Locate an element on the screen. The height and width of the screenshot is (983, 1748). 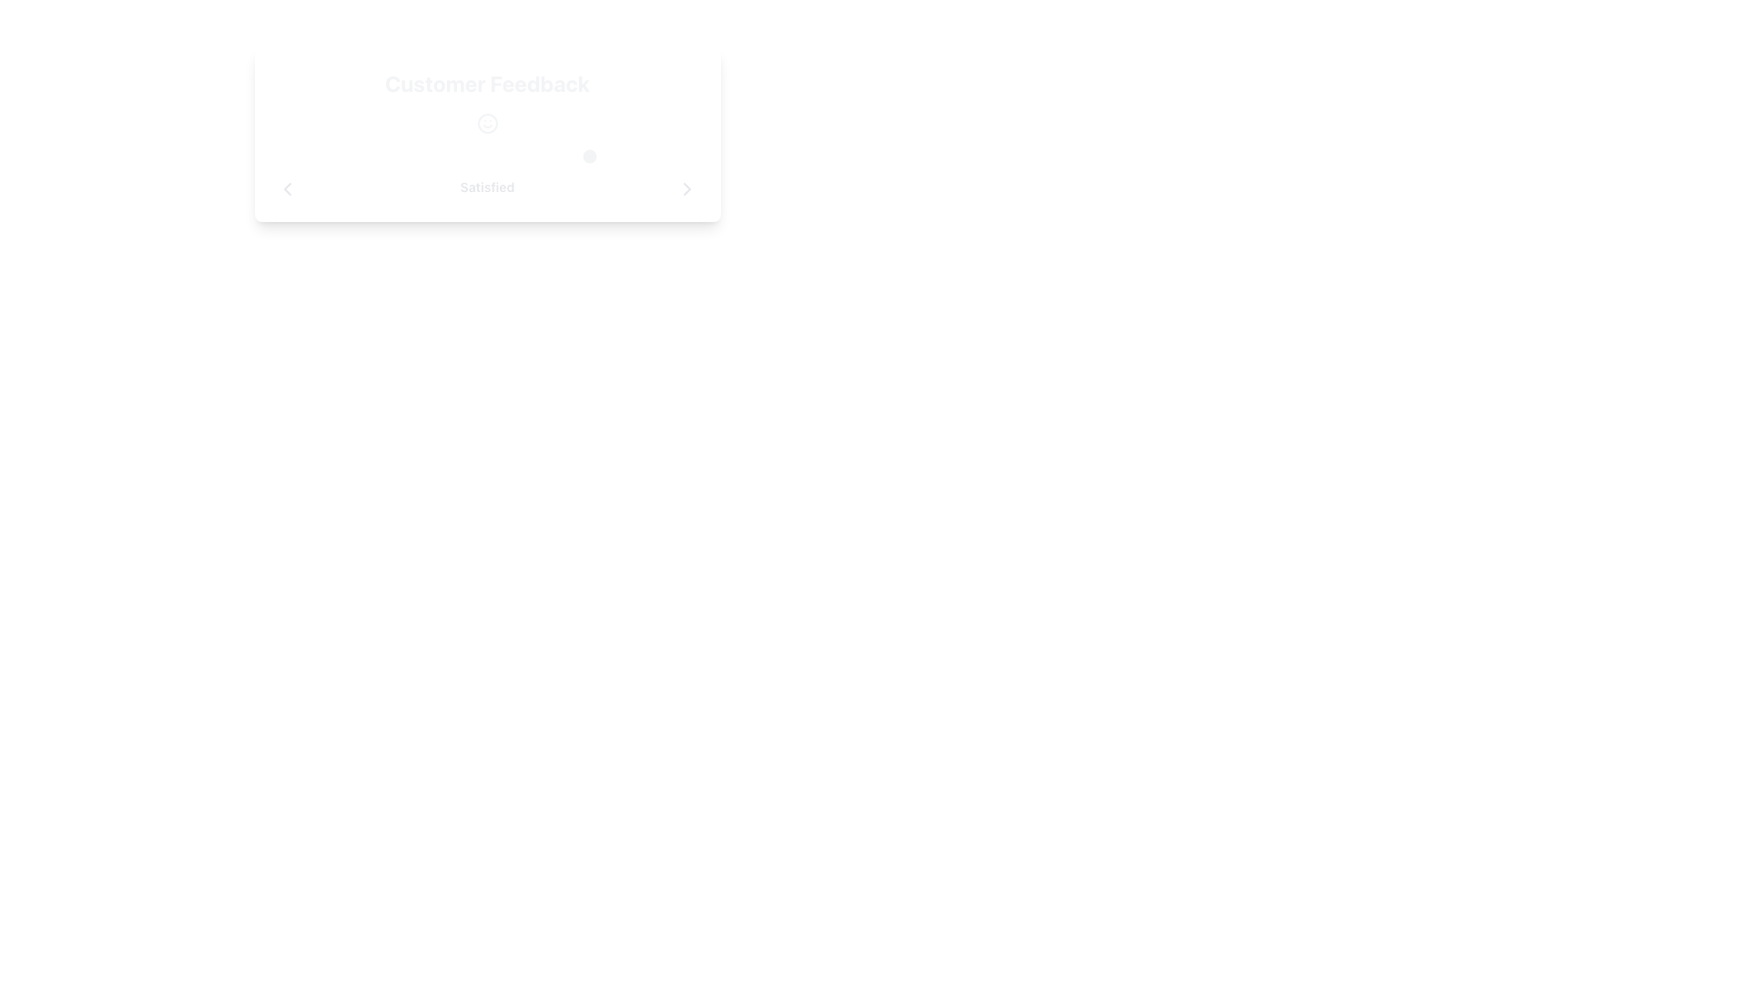
the slider is located at coordinates (487, 156).